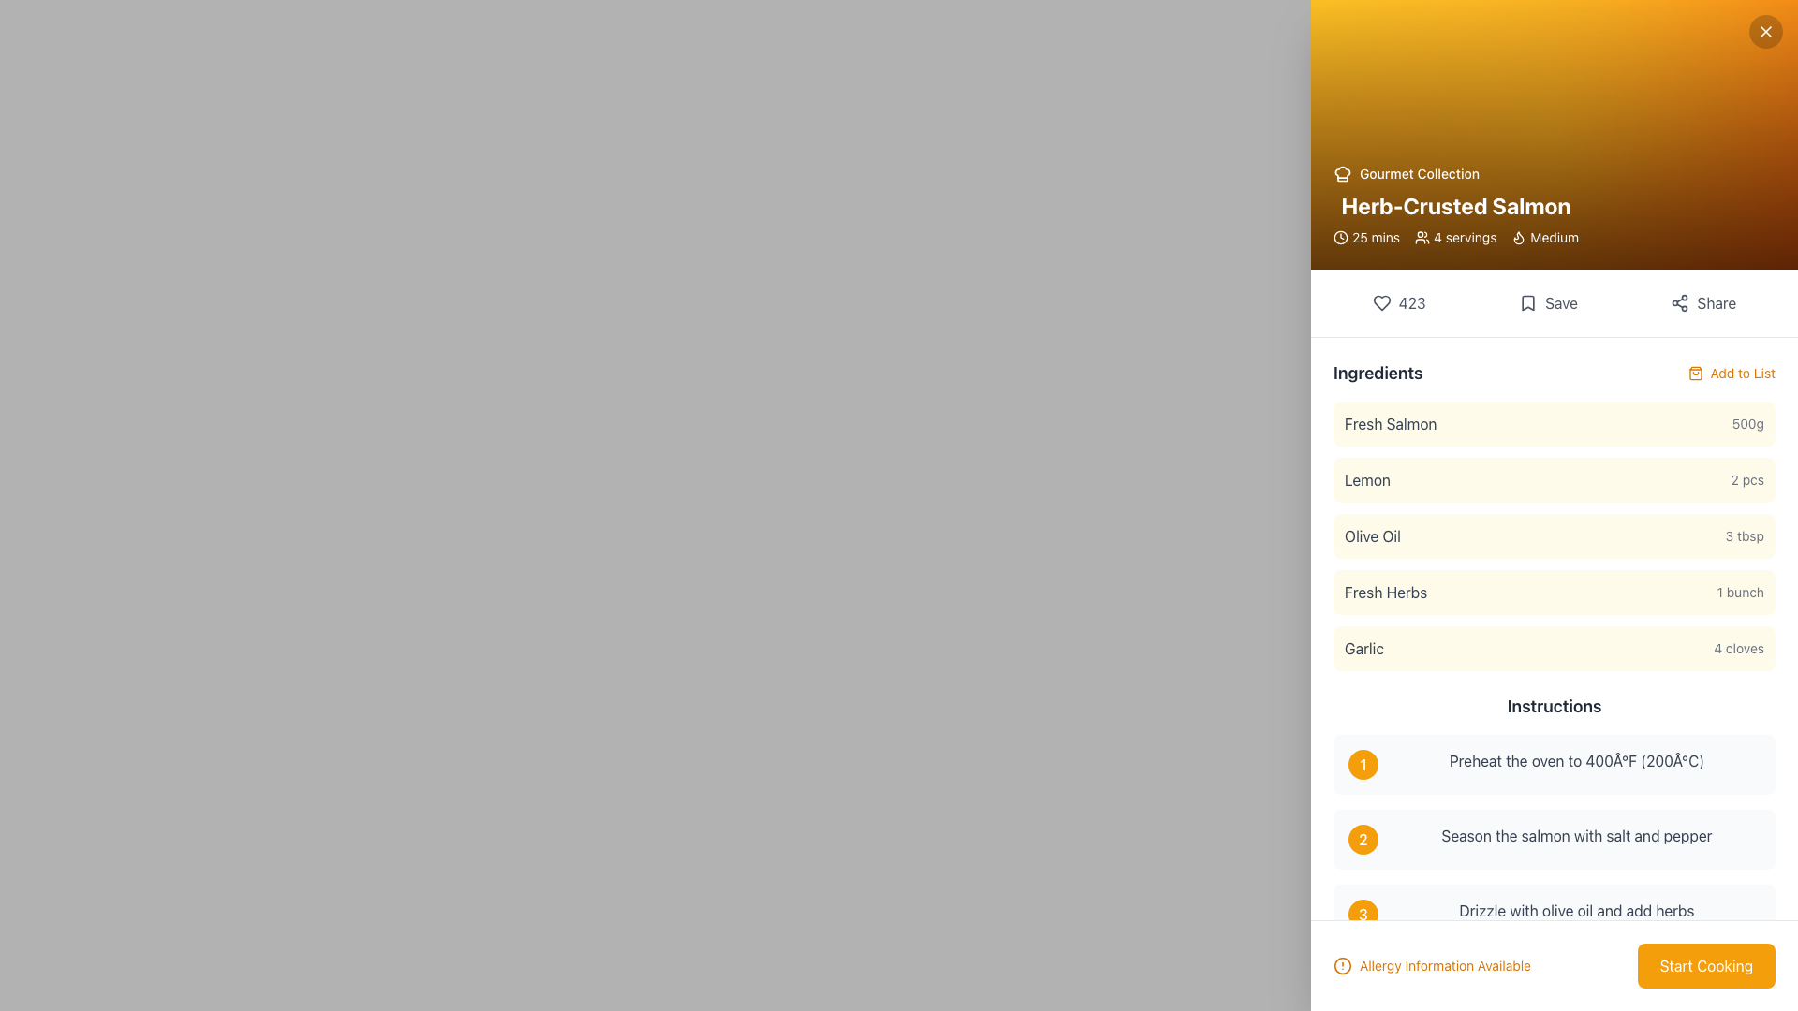 The width and height of the screenshot is (1798, 1011). What do you see at coordinates (1695, 373) in the screenshot?
I see `the decorative shopping bag icon located to the left of the 'Add to List' text, which is part of the action button in the 'Ingredients' section` at bounding box center [1695, 373].